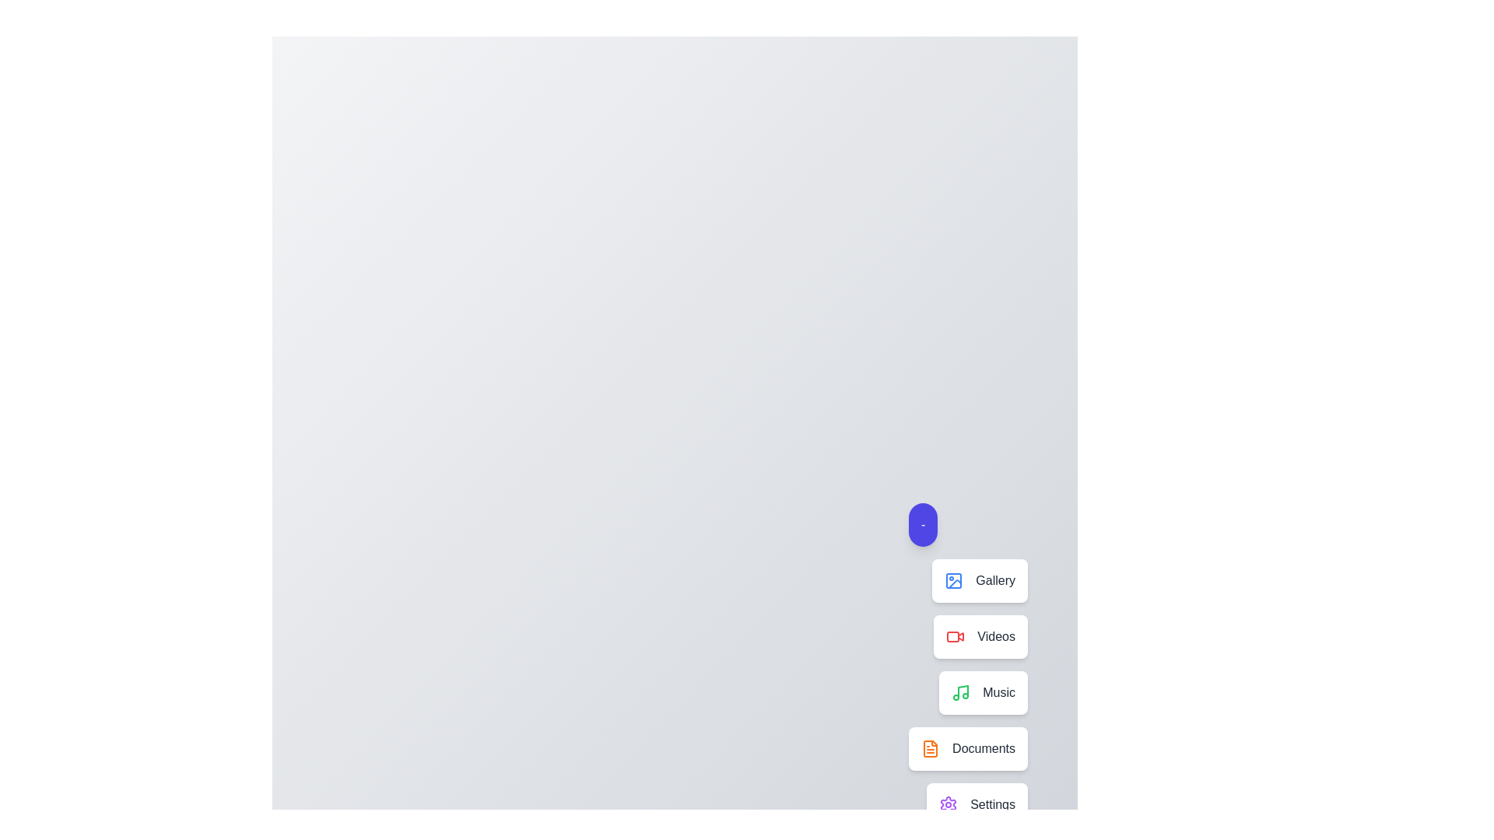 Image resolution: width=1494 pixels, height=840 pixels. What do you see at coordinates (977, 804) in the screenshot?
I see `the menu item labeled 'Settings' to observe its hover animation` at bounding box center [977, 804].